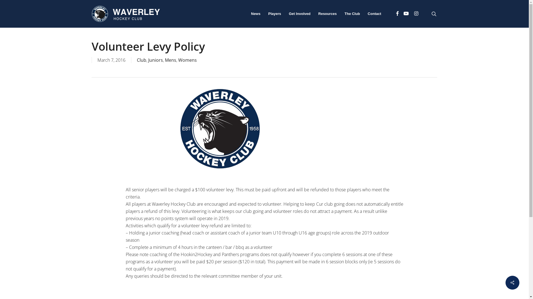 This screenshot has height=299, width=533. What do you see at coordinates (434, 14) in the screenshot?
I see `'search'` at bounding box center [434, 14].